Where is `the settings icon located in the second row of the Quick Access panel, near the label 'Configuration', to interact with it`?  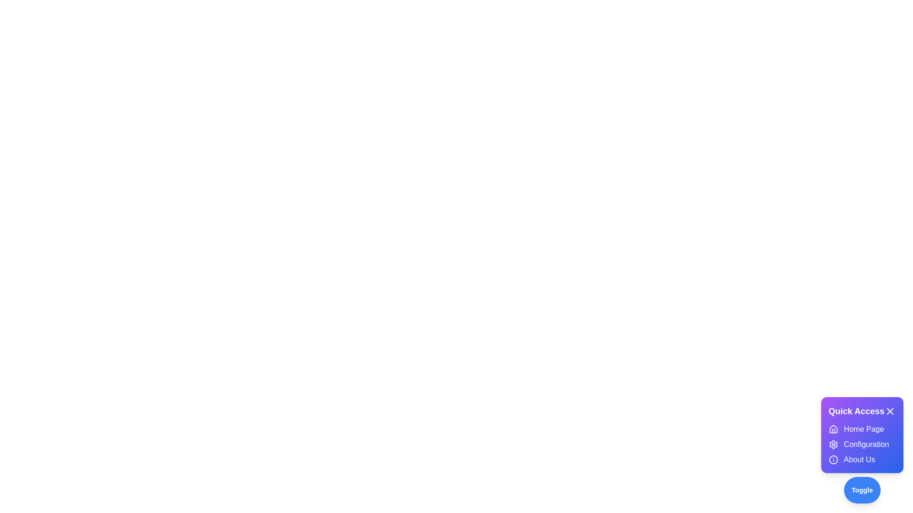
the settings icon located in the second row of the Quick Access panel, near the label 'Configuration', to interact with it is located at coordinates (833, 445).